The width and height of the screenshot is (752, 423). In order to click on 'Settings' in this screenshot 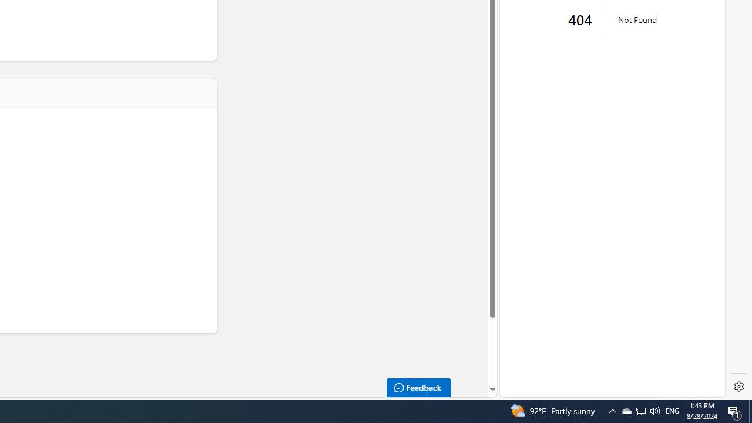, I will do `click(738, 387)`.